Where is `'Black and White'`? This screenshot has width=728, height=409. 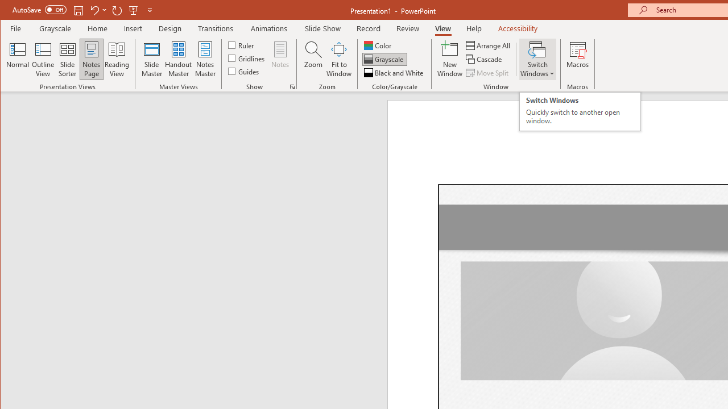 'Black and White' is located at coordinates (395, 73).